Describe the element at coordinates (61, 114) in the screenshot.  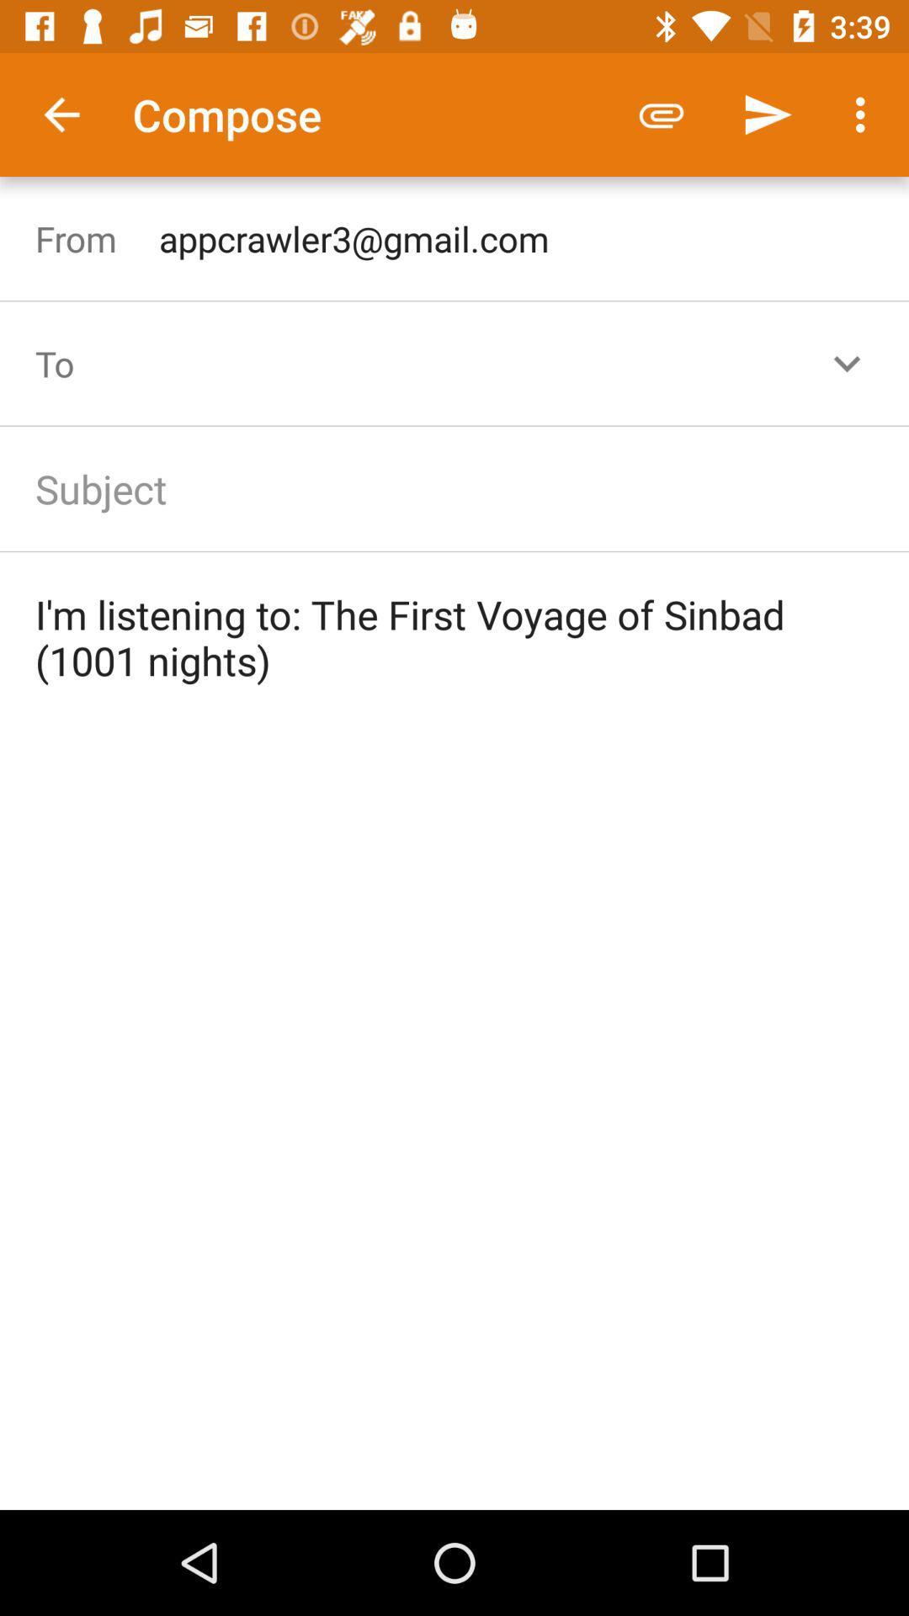
I see `the app next to compose` at that location.